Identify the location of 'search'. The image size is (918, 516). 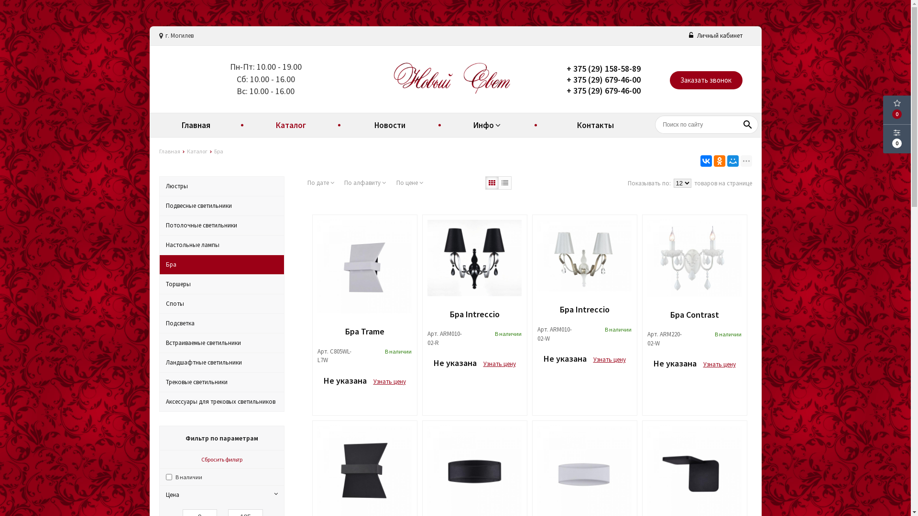
(747, 124).